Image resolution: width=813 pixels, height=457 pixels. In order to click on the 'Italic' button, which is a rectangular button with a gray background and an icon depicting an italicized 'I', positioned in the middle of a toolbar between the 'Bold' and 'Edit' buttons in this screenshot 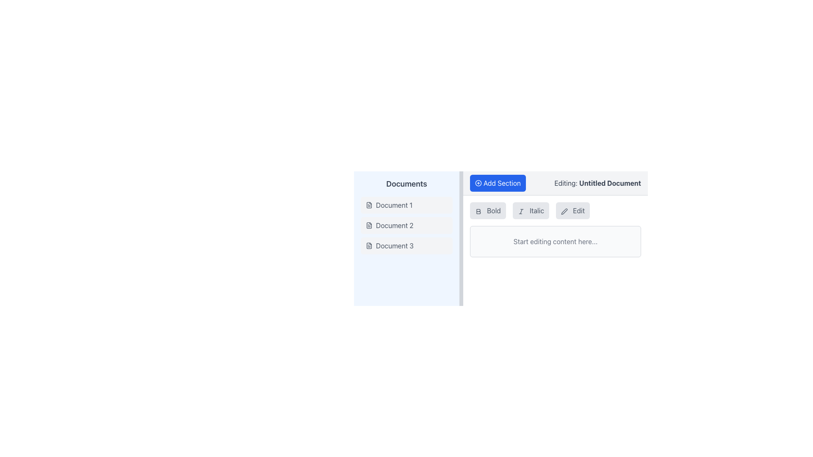, I will do `click(530, 210)`.